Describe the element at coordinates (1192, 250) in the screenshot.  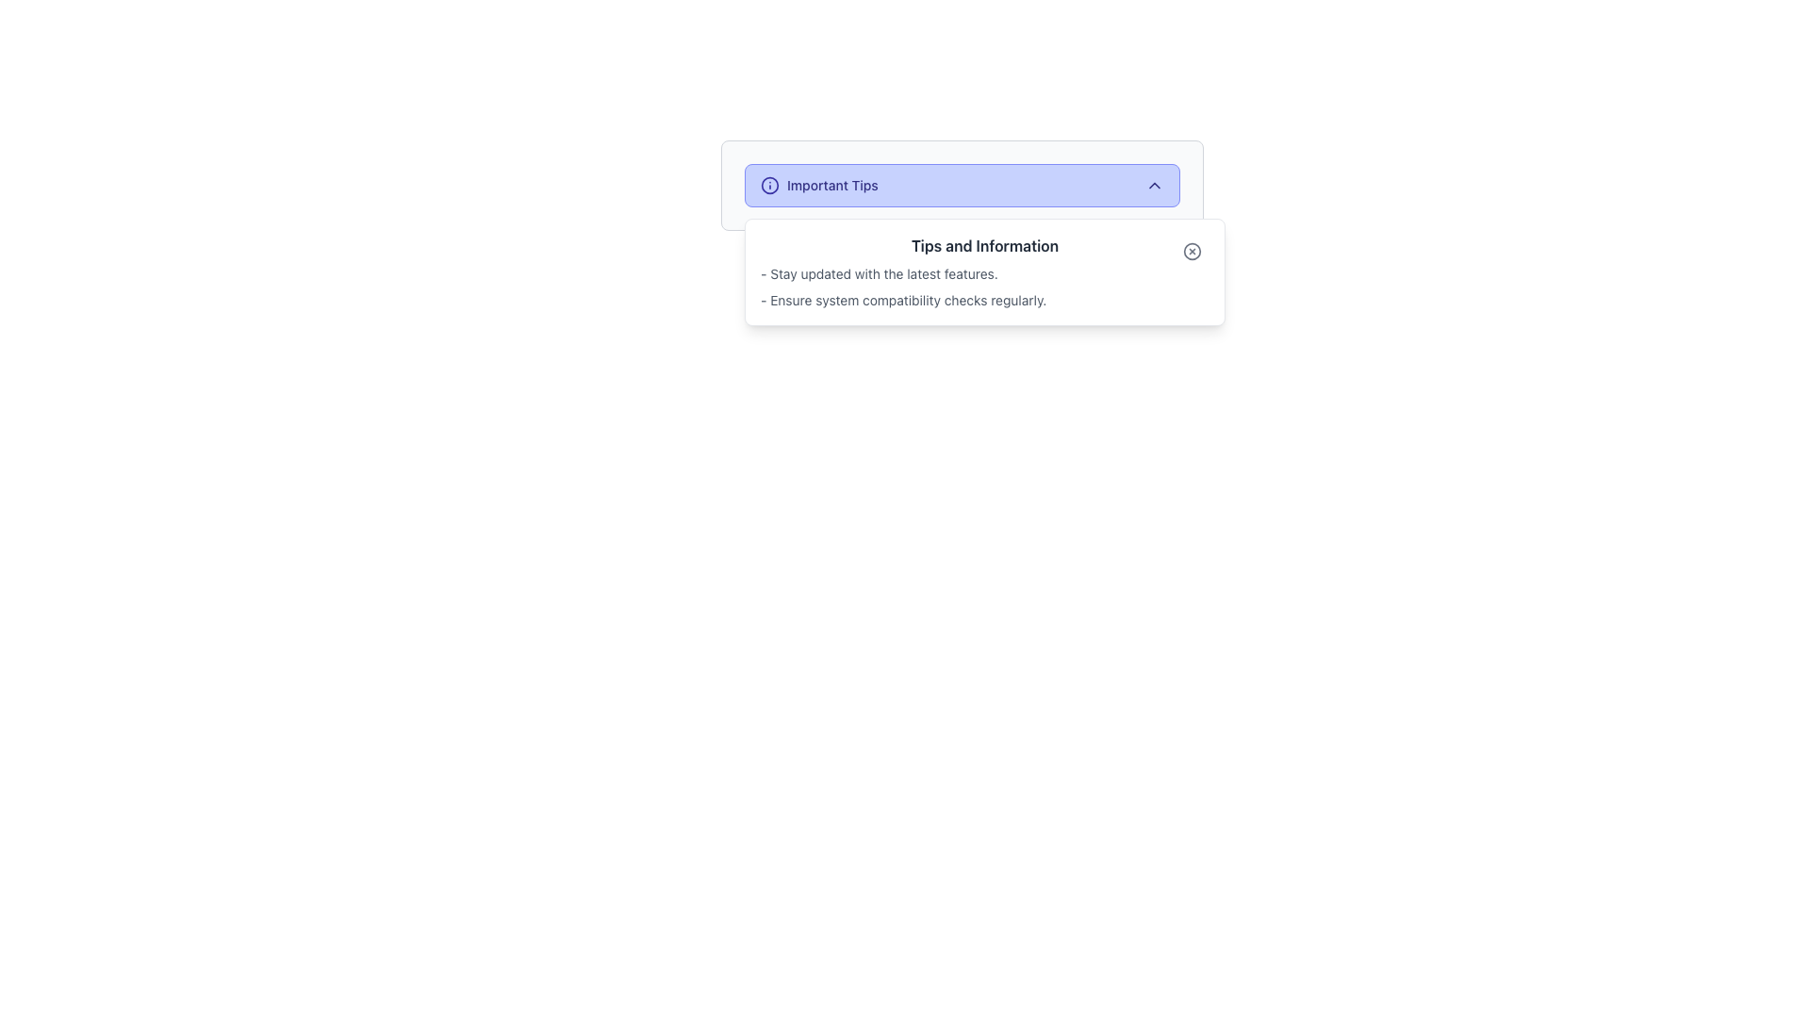
I see `the small circular button with a gray outline and a central cross mark located in the top-right corner of the 'Tips and Information' section` at that location.